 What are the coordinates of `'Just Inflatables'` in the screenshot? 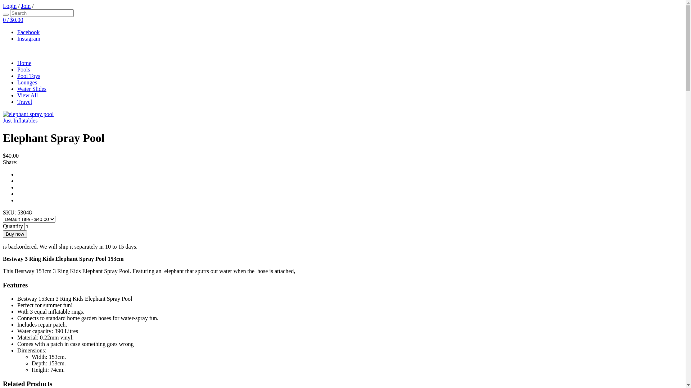 It's located at (20, 120).